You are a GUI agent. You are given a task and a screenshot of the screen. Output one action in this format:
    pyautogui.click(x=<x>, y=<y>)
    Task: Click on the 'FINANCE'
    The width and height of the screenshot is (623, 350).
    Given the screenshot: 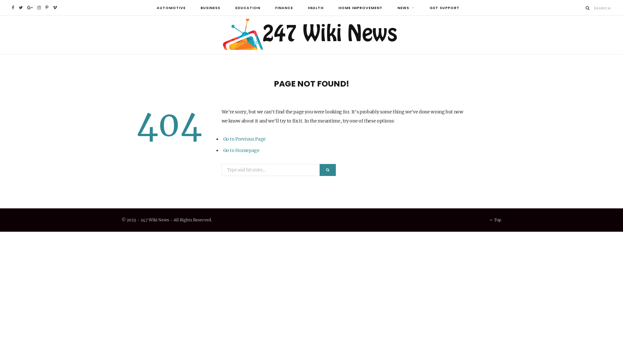 What is the action you would take?
    pyautogui.click(x=284, y=7)
    